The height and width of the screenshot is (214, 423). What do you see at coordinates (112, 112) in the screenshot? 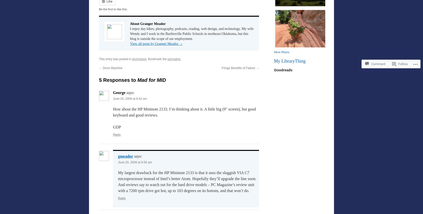
I see `'How about the HP Mininote 2133.  I’m thinking about it.  A little big  (9″ screen), but good keyboard and good reviews.'` at bounding box center [112, 112].